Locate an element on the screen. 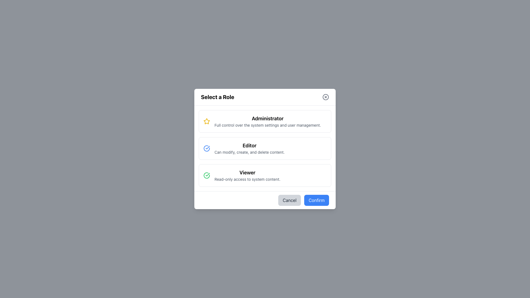 The image size is (530, 298). the descriptive text label that explains the permissions granted under the Editor role, located below the bold 'Editor' label is located at coordinates (249, 152).